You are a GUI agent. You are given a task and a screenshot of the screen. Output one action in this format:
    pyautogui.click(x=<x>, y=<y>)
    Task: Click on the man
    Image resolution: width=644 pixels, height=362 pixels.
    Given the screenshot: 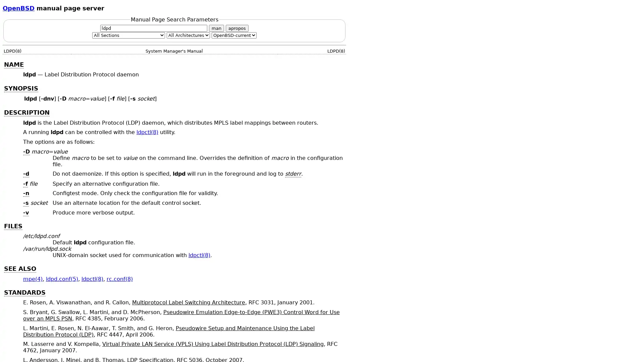 What is the action you would take?
    pyautogui.click(x=216, y=27)
    